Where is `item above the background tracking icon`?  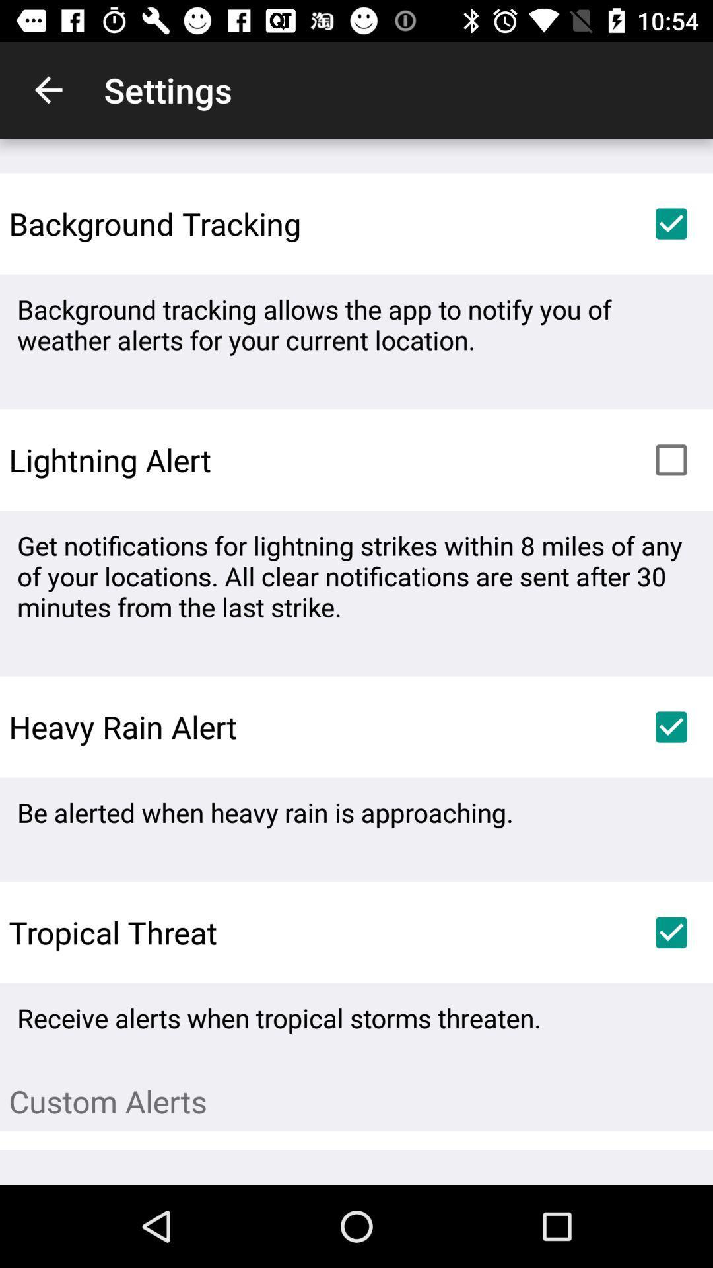 item above the background tracking icon is located at coordinates (48, 89).